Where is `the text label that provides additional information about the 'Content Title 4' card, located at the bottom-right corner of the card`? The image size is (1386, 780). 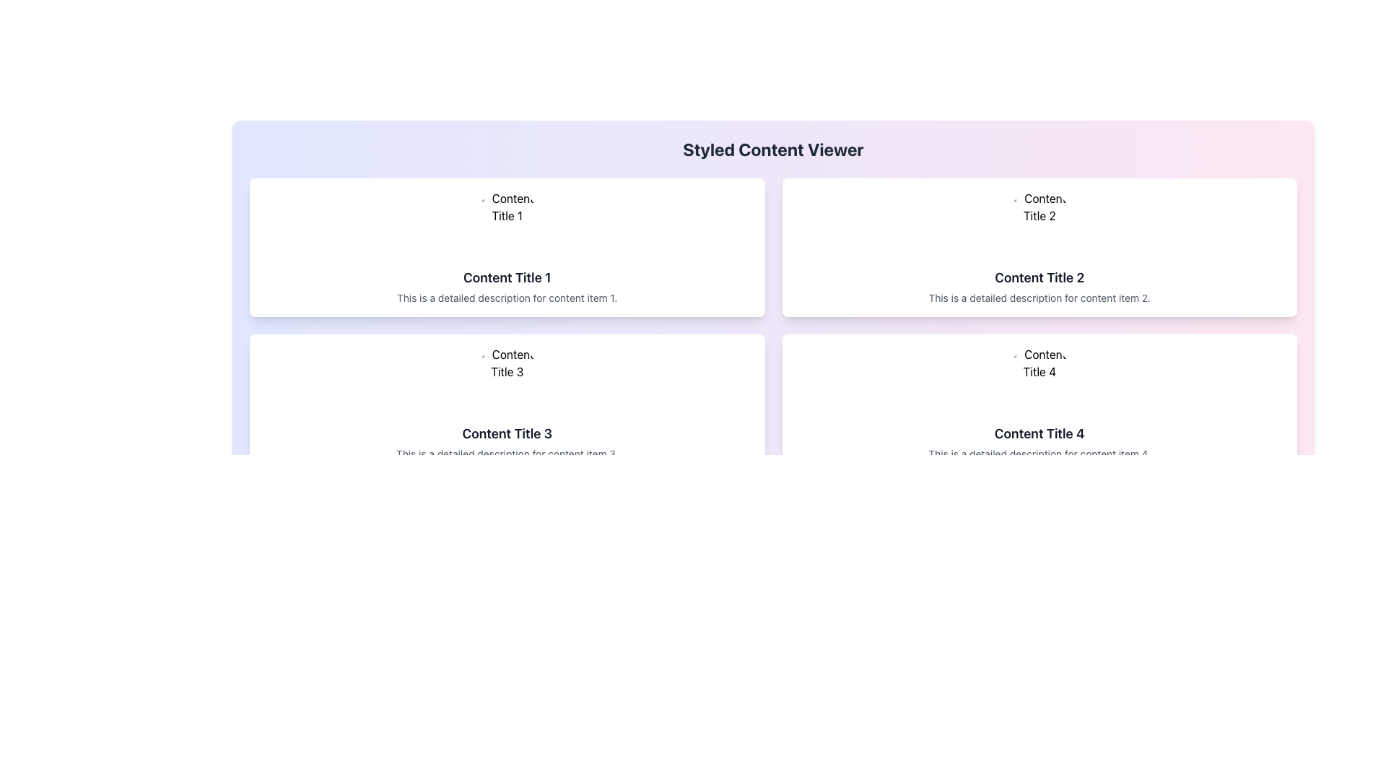
the text label that provides additional information about the 'Content Title 4' card, located at the bottom-right corner of the card is located at coordinates (1039, 453).